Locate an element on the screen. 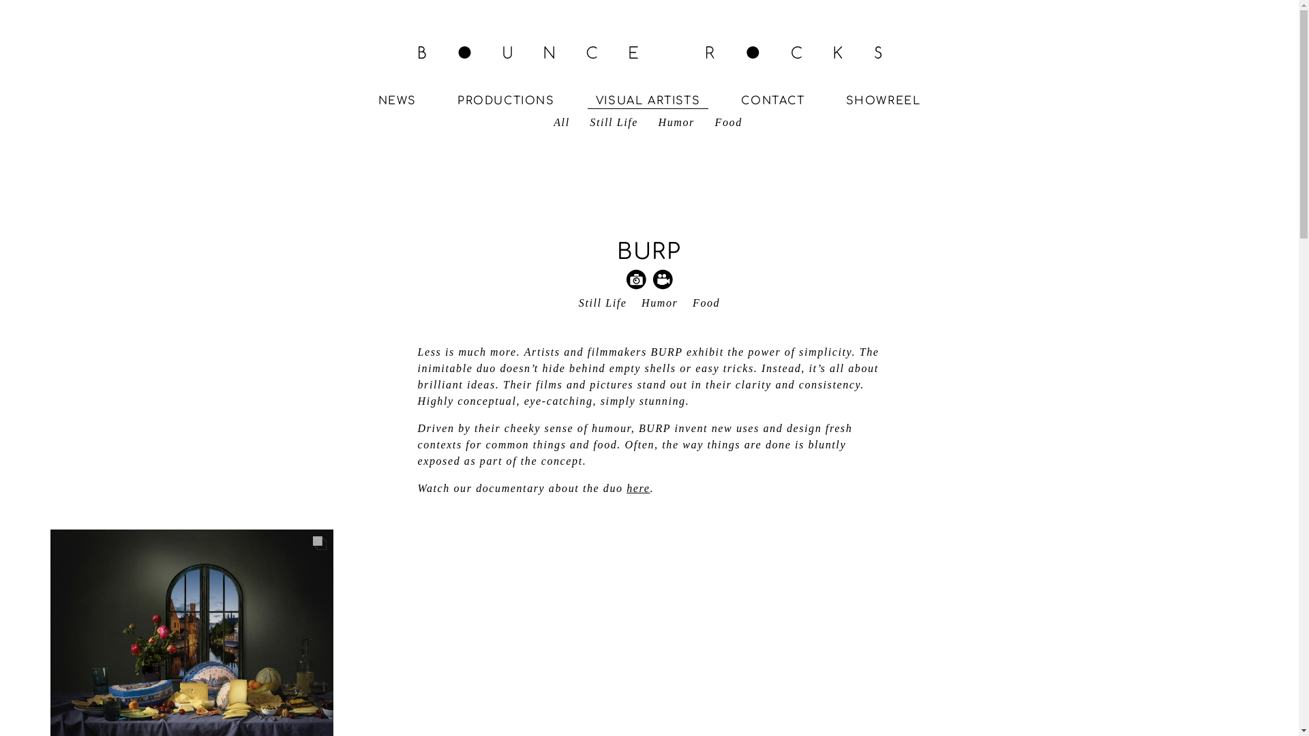  'PRODUCTIONS' is located at coordinates (505, 99).